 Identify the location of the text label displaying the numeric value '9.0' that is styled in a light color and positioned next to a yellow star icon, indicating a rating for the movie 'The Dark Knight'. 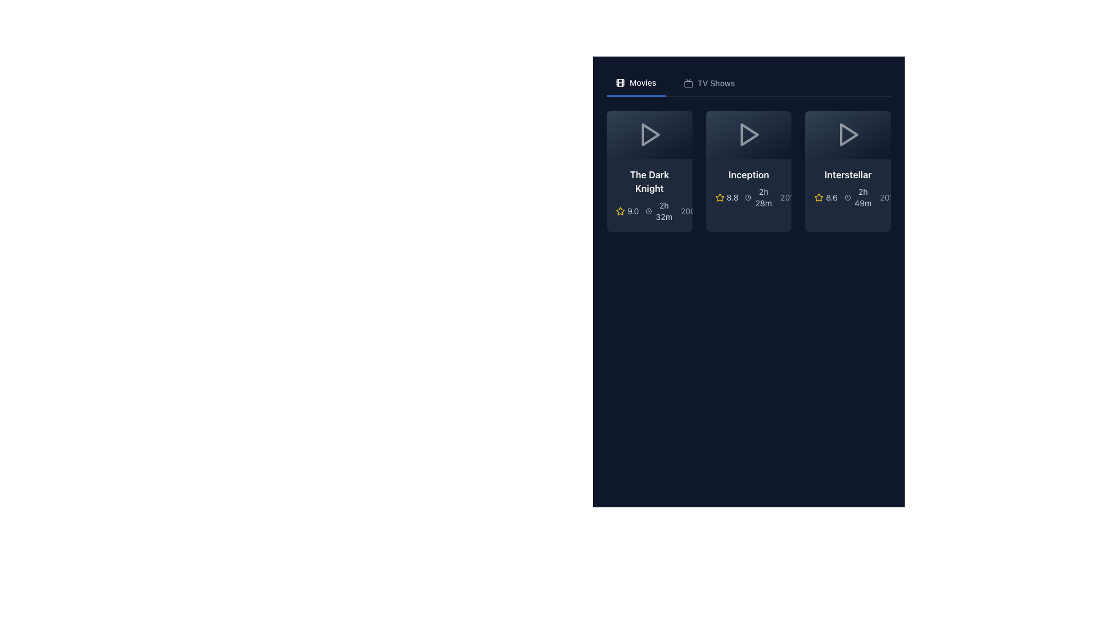
(632, 211).